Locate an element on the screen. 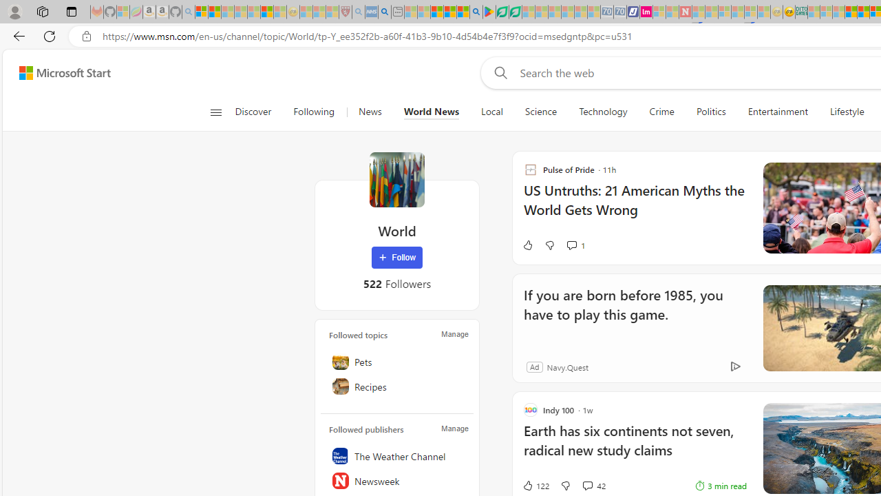 This screenshot has height=496, width=881. 'Pets - MSN' is located at coordinates (450, 12).